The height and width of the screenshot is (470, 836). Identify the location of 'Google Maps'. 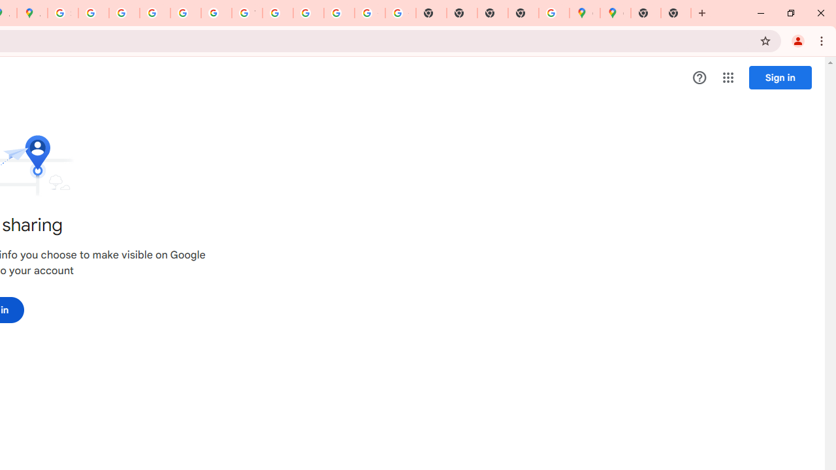
(615, 13).